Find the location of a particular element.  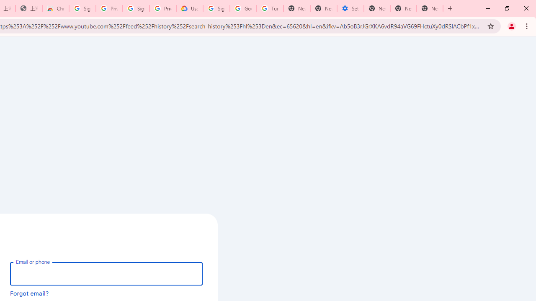

'Chrome Web Store - Color themes by Chrome' is located at coordinates (55, 8).